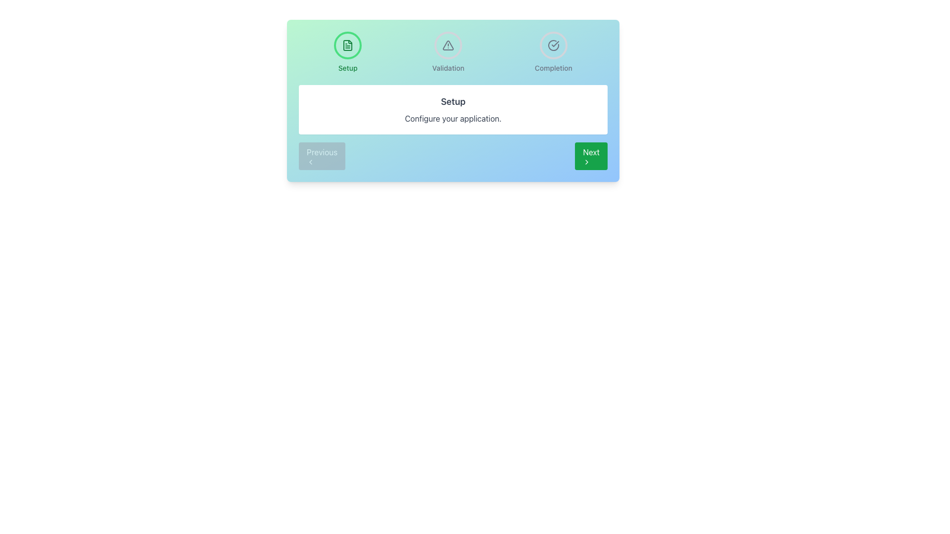  I want to click on the 'Validation' step icon which is currently inactive and positioned centrally between 'Setup' and 'Completion' in a multi-step process, so click(448, 52).